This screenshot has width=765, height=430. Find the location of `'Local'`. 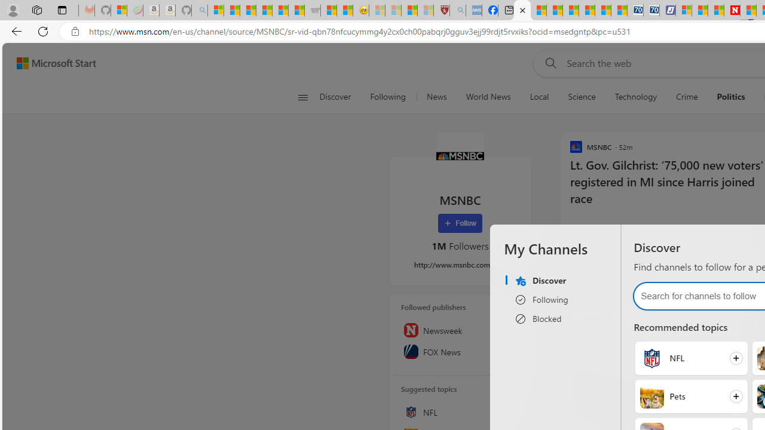

'Local' is located at coordinates (538, 97).